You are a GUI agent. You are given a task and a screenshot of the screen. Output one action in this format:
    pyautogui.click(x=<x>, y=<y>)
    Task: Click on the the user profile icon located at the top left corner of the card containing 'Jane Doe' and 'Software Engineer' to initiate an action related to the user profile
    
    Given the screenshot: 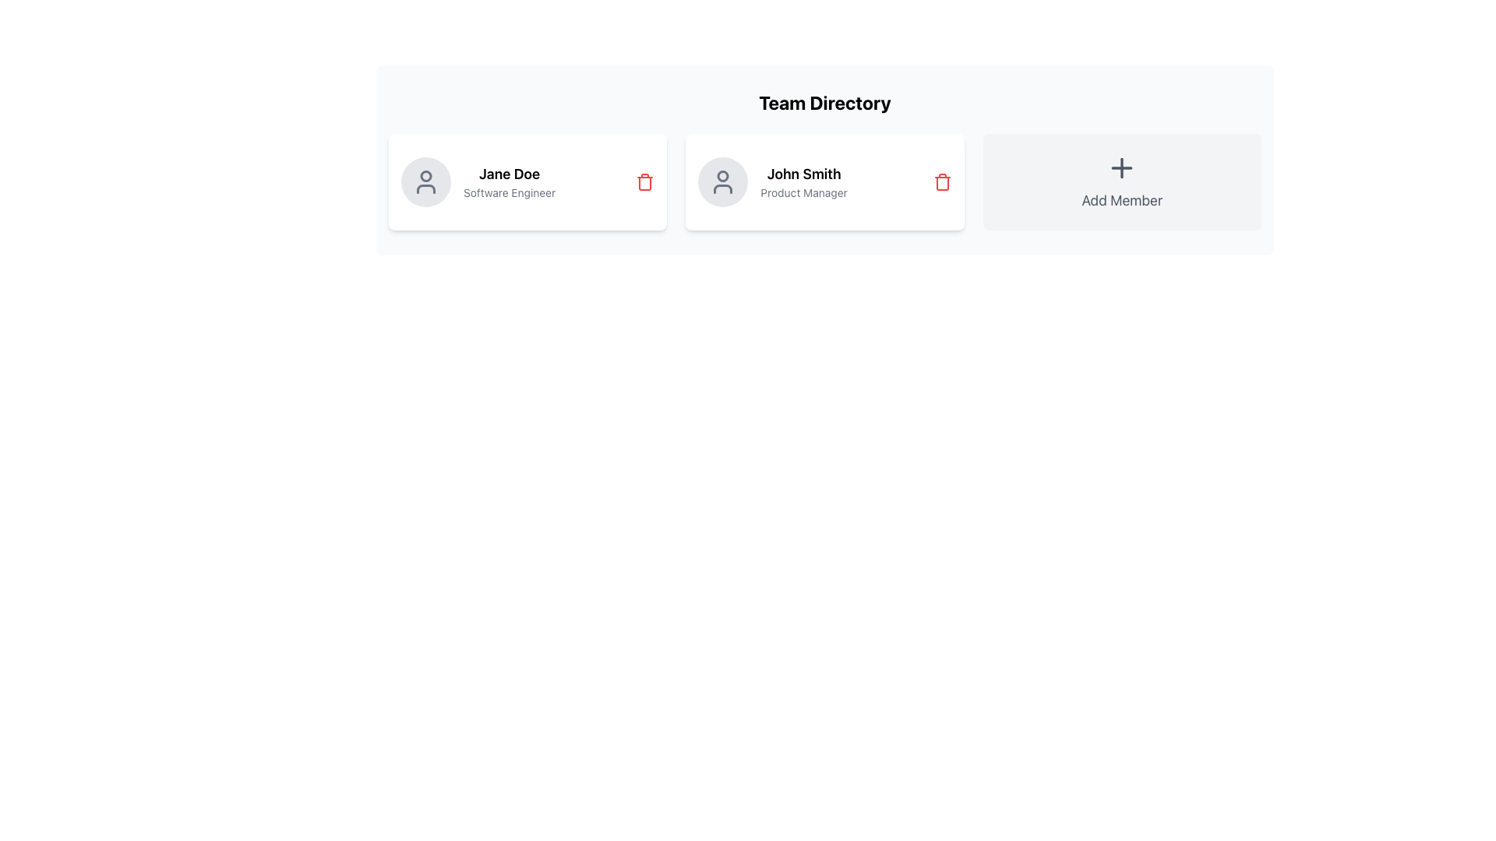 What is the action you would take?
    pyautogui.click(x=426, y=181)
    